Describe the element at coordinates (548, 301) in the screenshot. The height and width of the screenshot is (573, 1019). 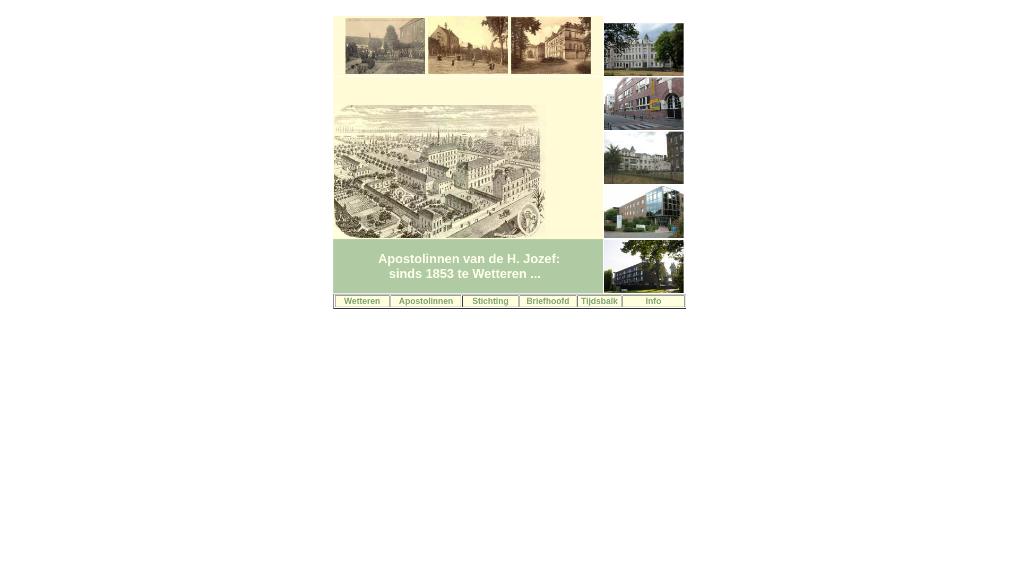
I see `'Briefhoofd'` at that location.